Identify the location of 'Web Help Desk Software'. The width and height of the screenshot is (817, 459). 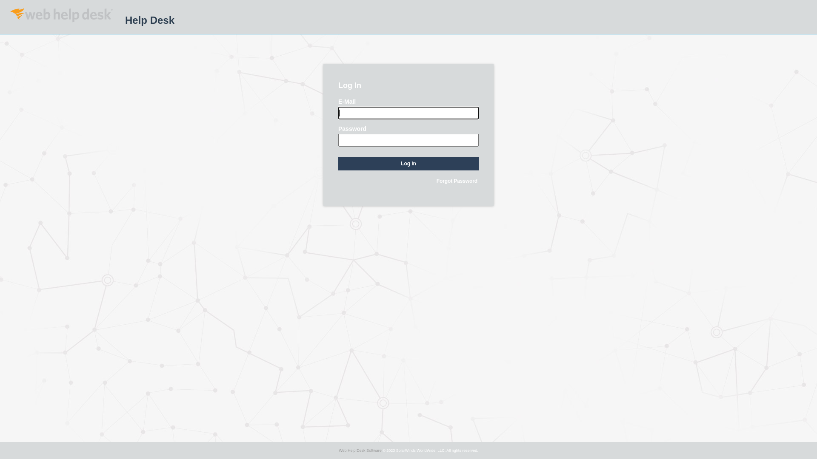
(360, 450).